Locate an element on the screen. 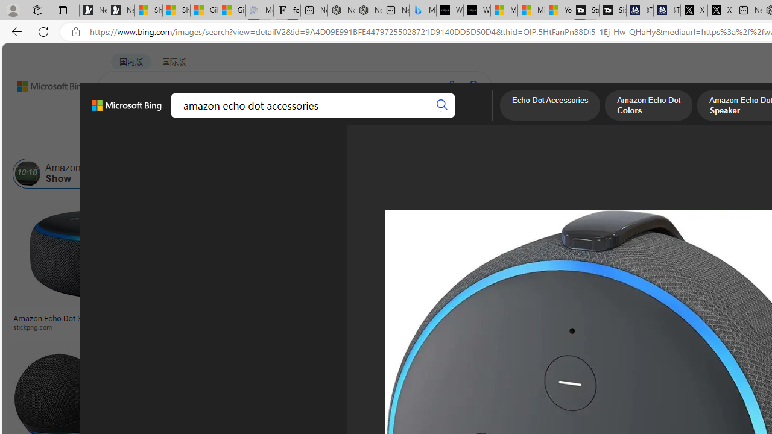 The image size is (772, 434). 'Amazon Echo Show' is located at coordinates (28, 174).